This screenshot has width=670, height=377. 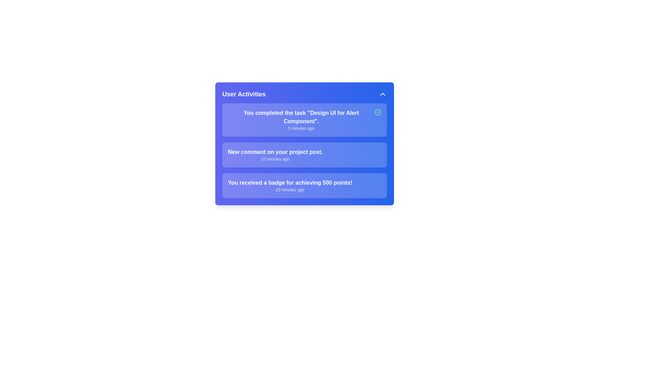 What do you see at coordinates (275, 159) in the screenshot?
I see `the text label displaying '10 minutes ago', which is styled in light gray and italicized, located under the notification 'New comment on your project post.'` at bounding box center [275, 159].